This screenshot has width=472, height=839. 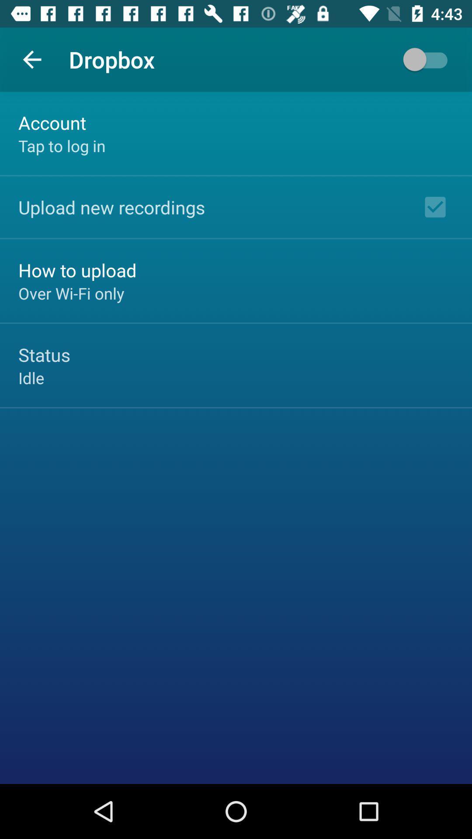 I want to click on the account, so click(x=52, y=122).